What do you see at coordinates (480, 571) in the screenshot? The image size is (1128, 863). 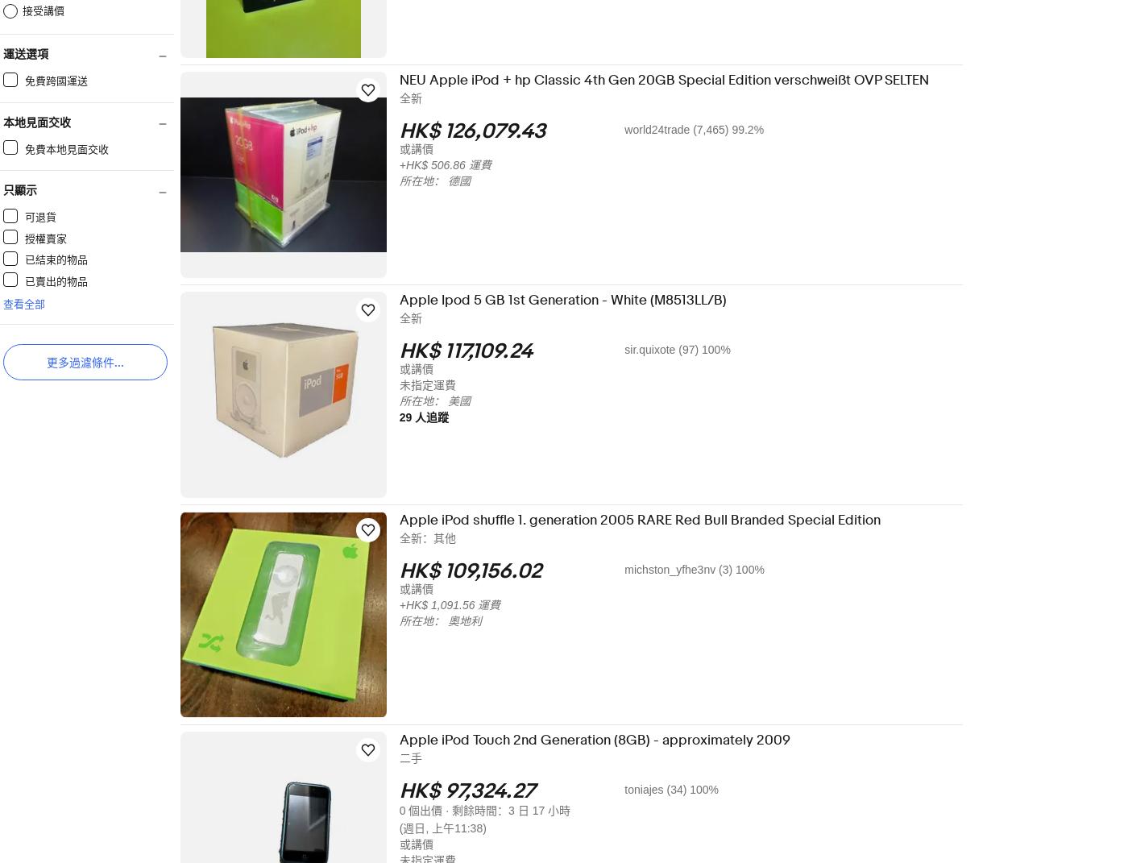 I see `'HK$ 109,156.02'` at bounding box center [480, 571].